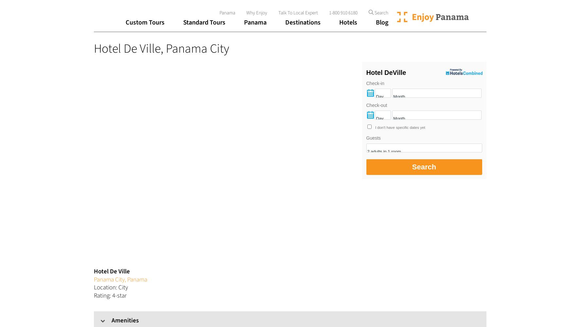  I want to click on 'Standard Tours', so click(203, 22).